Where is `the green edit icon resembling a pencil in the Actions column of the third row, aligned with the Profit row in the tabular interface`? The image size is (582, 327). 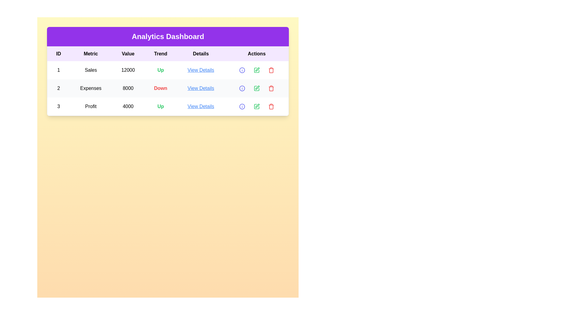 the green edit icon resembling a pencil in the Actions column of the third row, aligned with the Profit row in the tabular interface is located at coordinates (256, 106).